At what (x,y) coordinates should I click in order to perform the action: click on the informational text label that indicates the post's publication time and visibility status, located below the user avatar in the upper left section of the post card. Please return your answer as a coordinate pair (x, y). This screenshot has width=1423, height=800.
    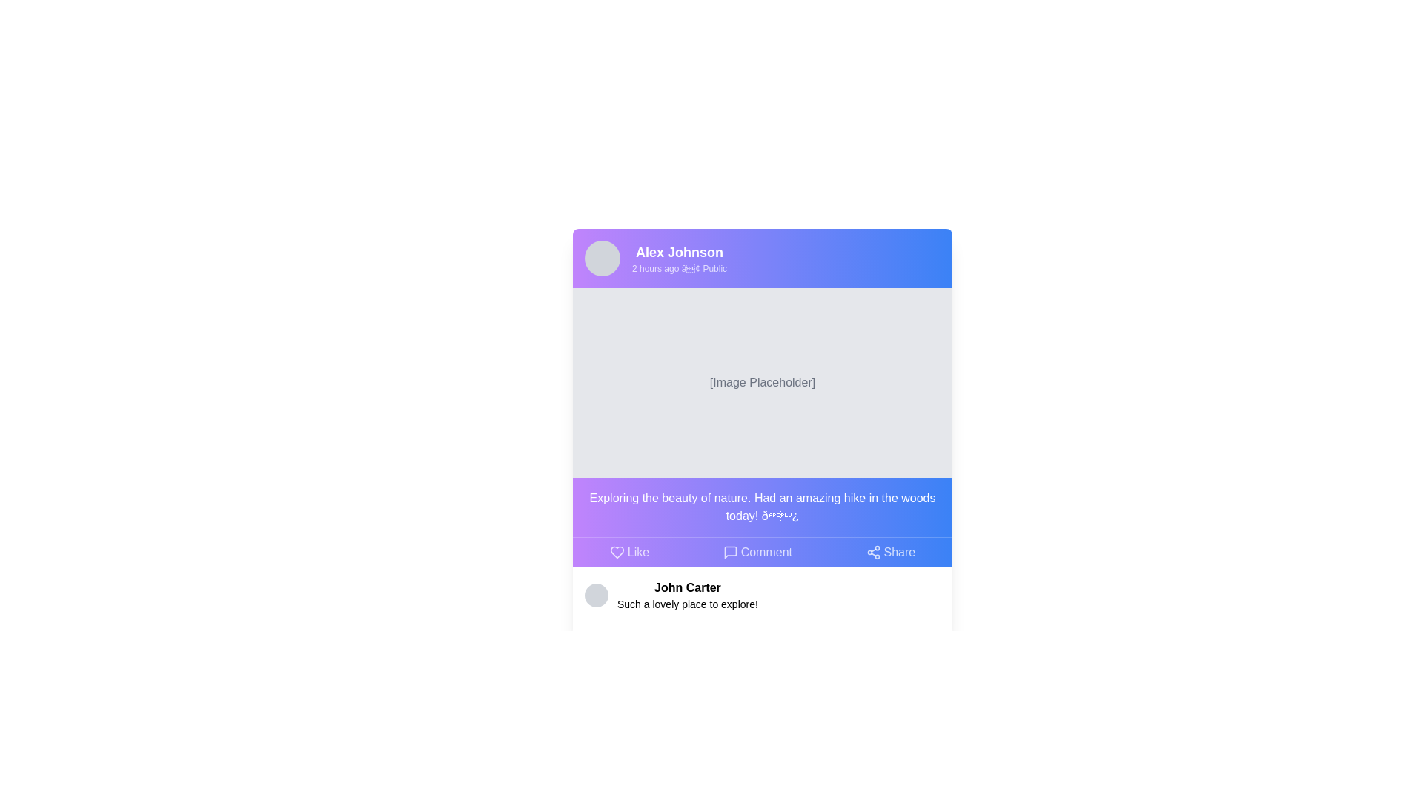
    Looking at the image, I should click on (678, 268).